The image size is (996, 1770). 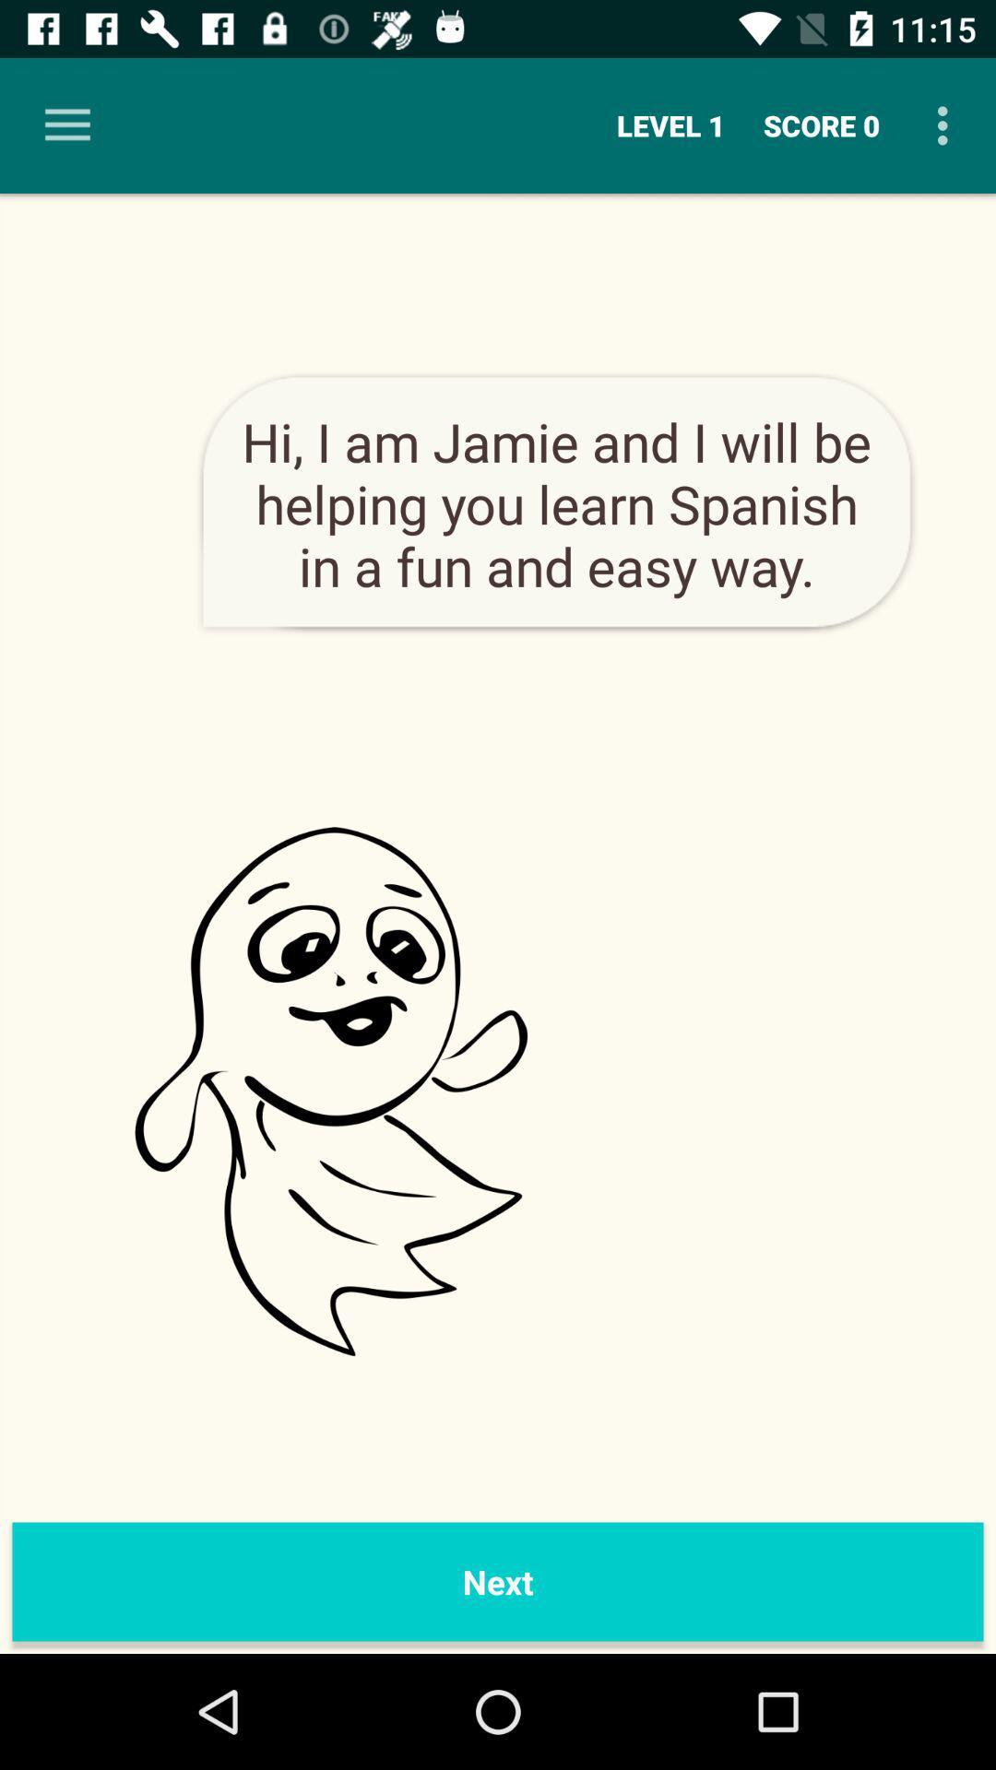 What do you see at coordinates (66, 124) in the screenshot?
I see `item next to level 1 item` at bounding box center [66, 124].